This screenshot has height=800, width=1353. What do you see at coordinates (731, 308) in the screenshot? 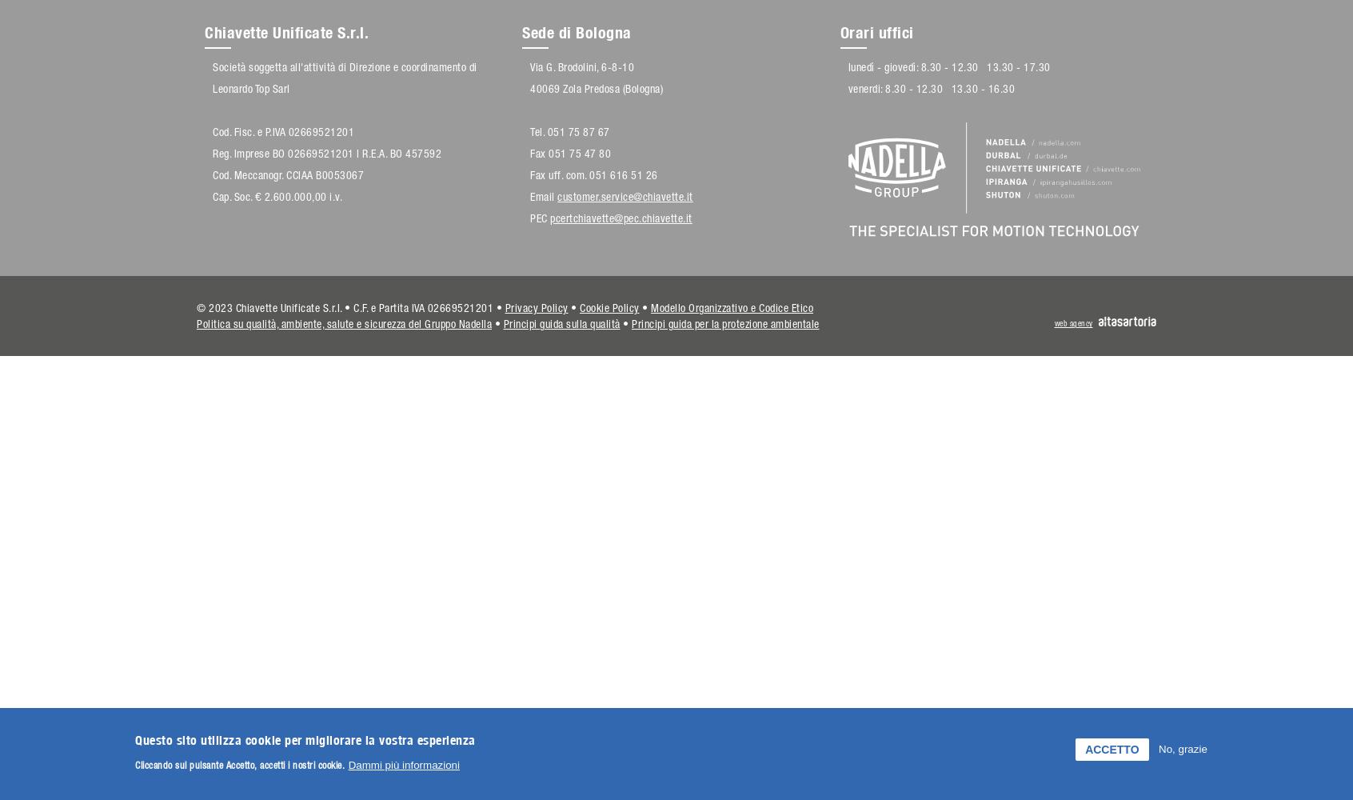
I see `'Modello Organizzativo e Codice Etico'` at bounding box center [731, 308].